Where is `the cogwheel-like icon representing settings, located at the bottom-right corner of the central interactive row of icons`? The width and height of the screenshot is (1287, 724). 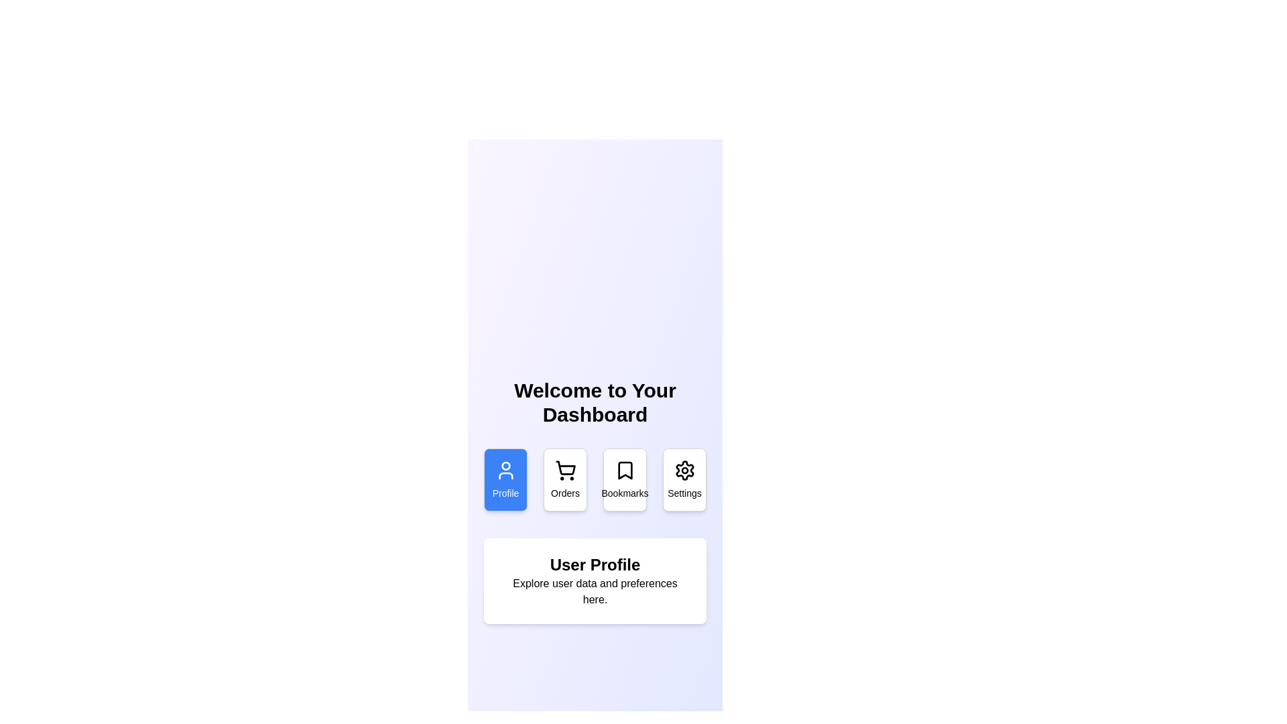
the cogwheel-like icon representing settings, located at the bottom-right corner of the central interactive row of icons is located at coordinates (684, 470).